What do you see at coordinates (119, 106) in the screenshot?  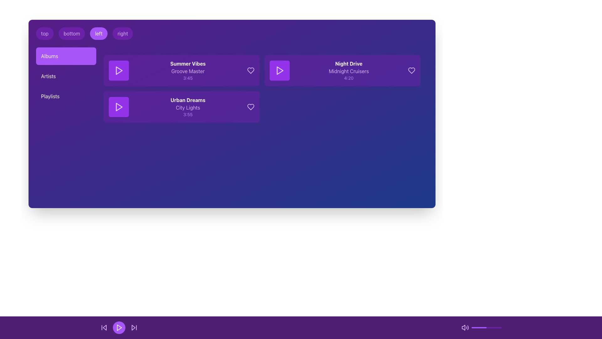 I see `the play icon associated with the 'Urban Dreams' album located in the second card of the album list` at bounding box center [119, 106].